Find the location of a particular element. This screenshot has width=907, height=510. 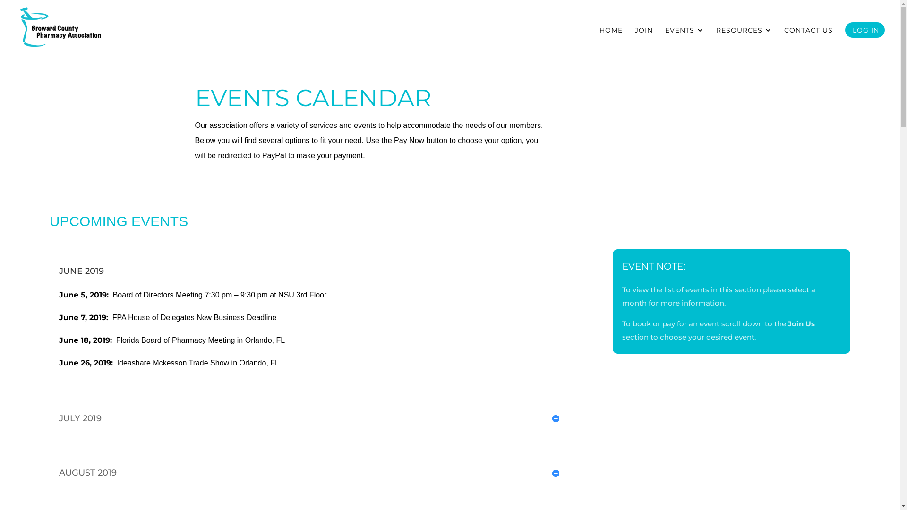

'EVENTS' is located at coordinates (685, 41).